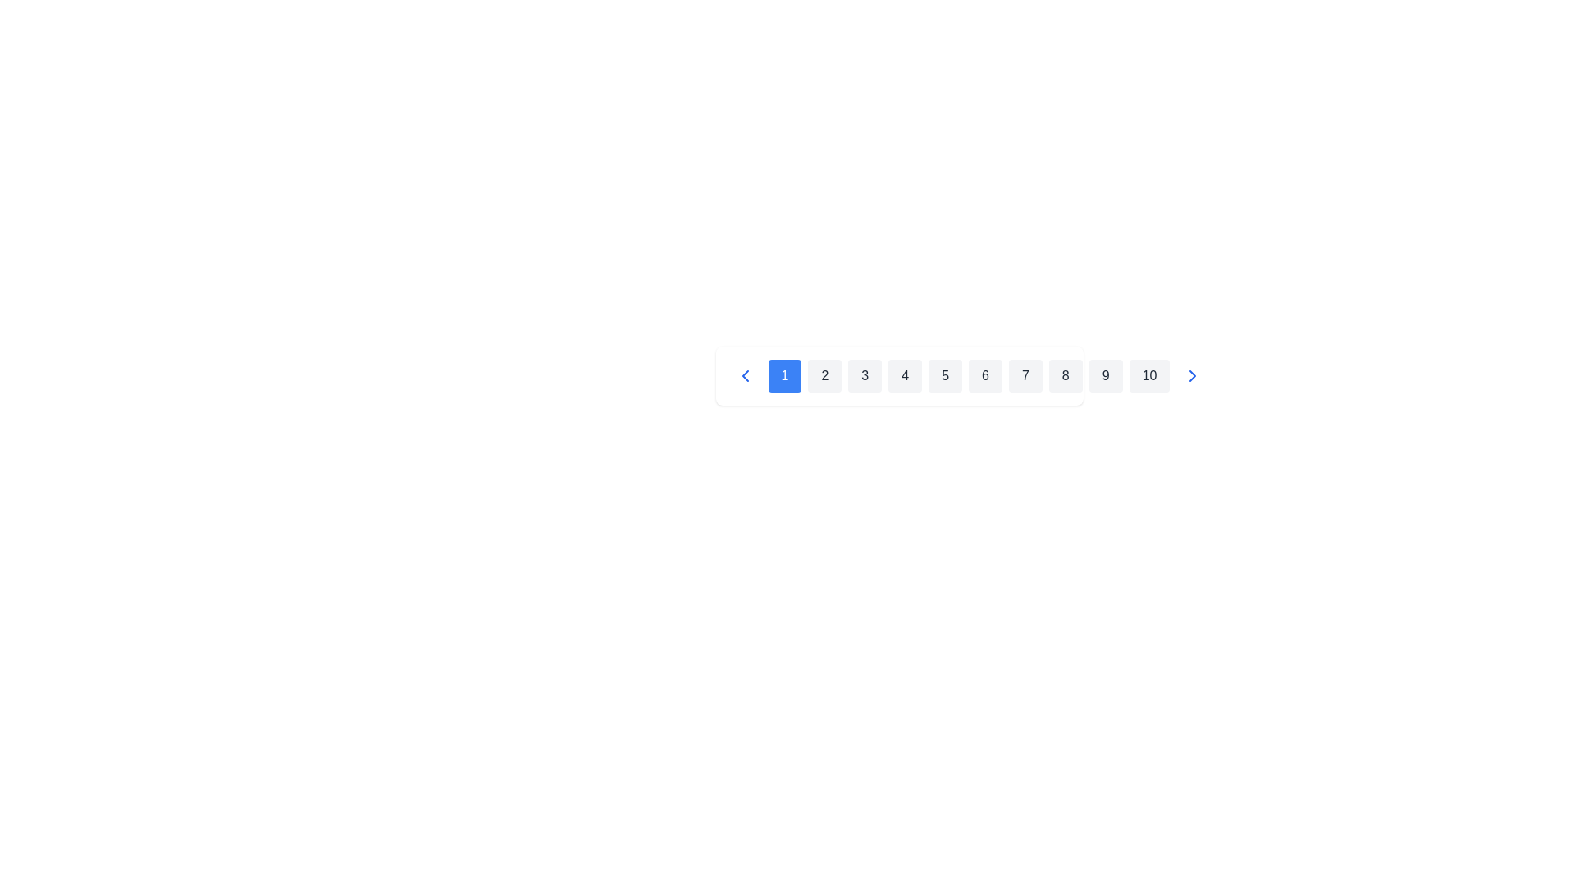  Describe the element at coordinates (898, 376) in the screenshot. I see `the pagination button representing page number '4'` at that location.